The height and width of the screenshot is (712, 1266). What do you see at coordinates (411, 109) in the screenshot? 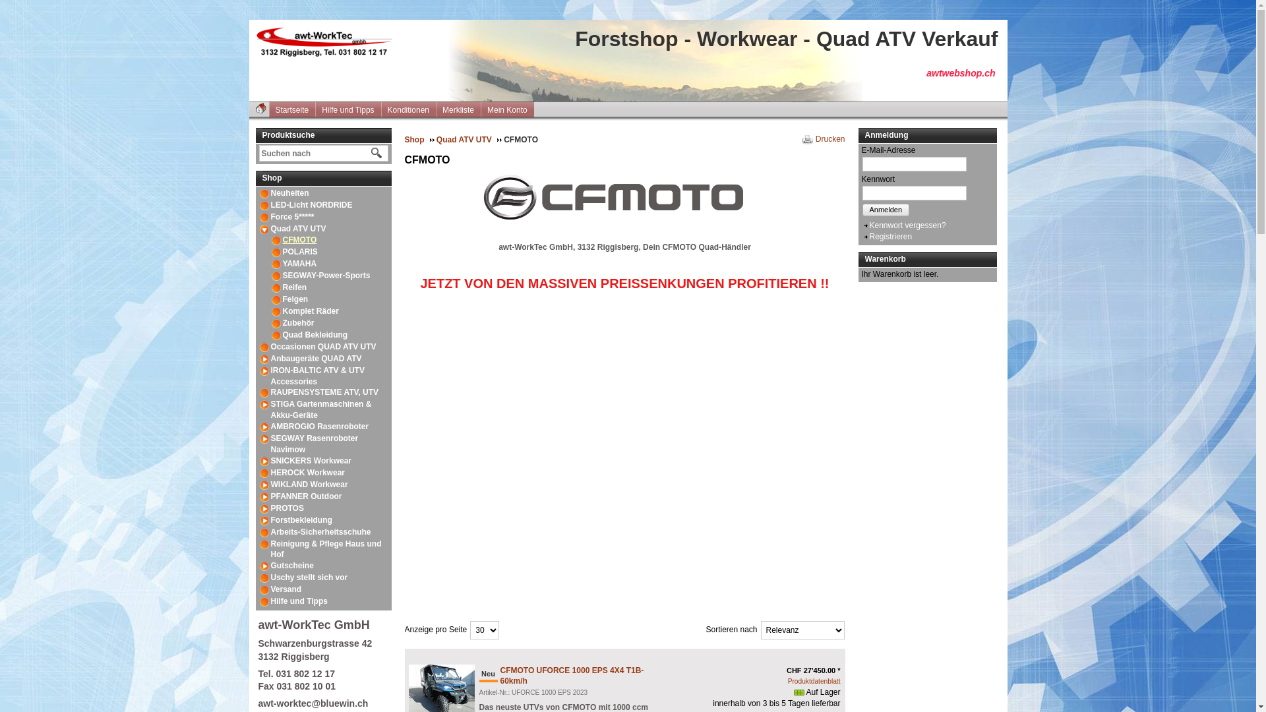
I see `'Konditionen'` at bounding box center [411, 109].